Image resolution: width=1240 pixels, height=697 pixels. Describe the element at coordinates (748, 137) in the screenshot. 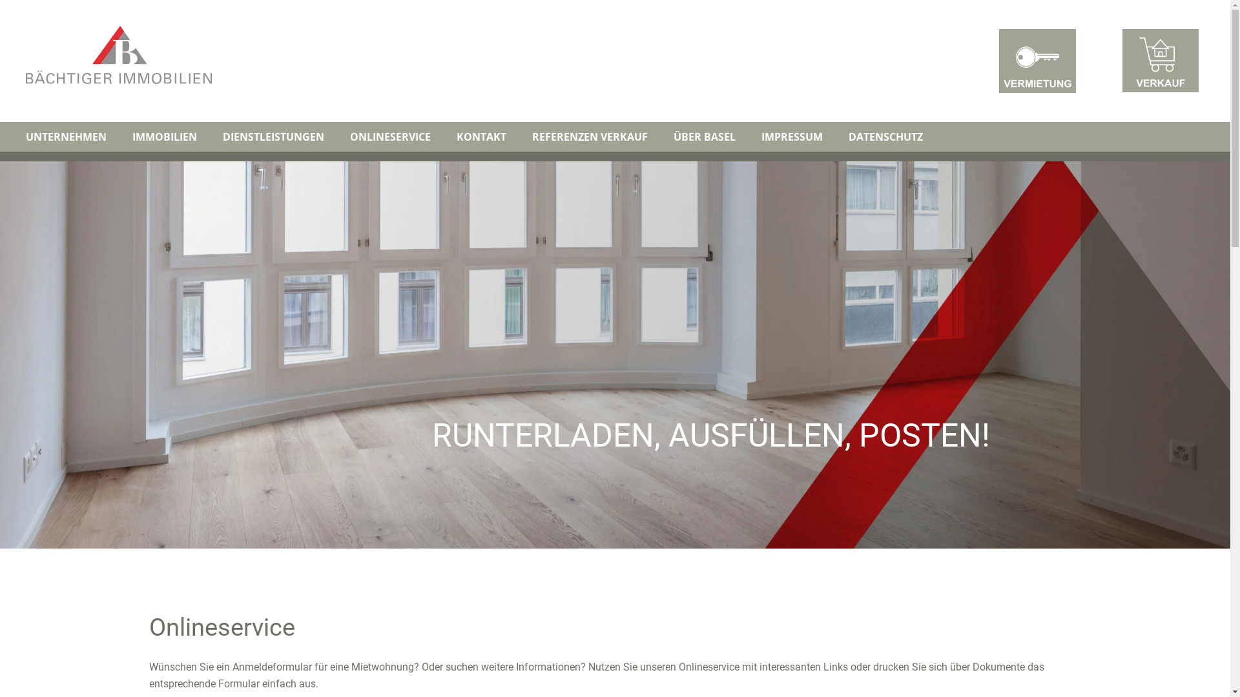

I see `'IMPRESSUM'` at that location.